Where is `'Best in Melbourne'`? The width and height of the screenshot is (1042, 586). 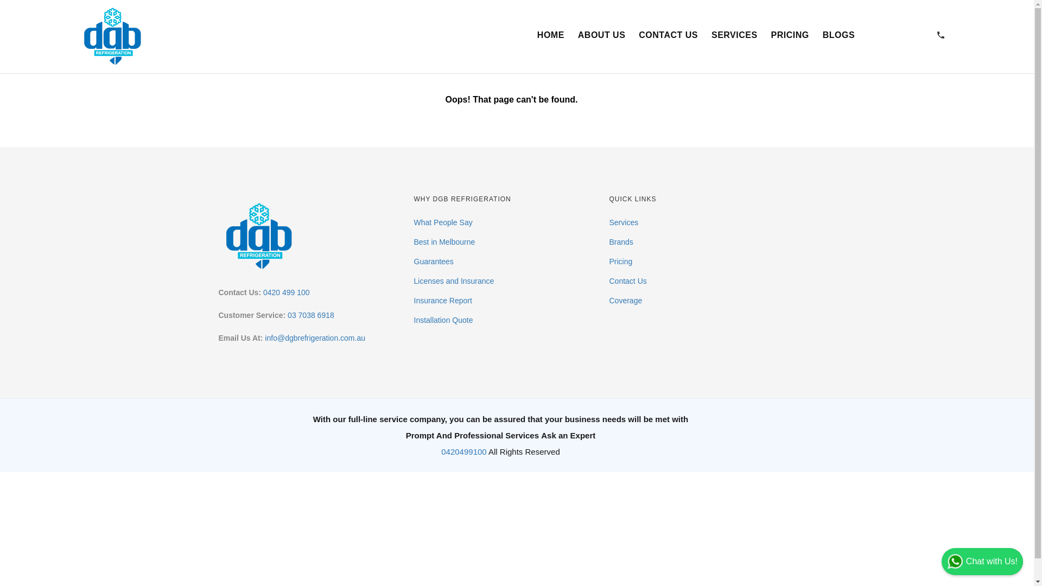 'Best in Melbourne' is located at coordinates (444, 241).